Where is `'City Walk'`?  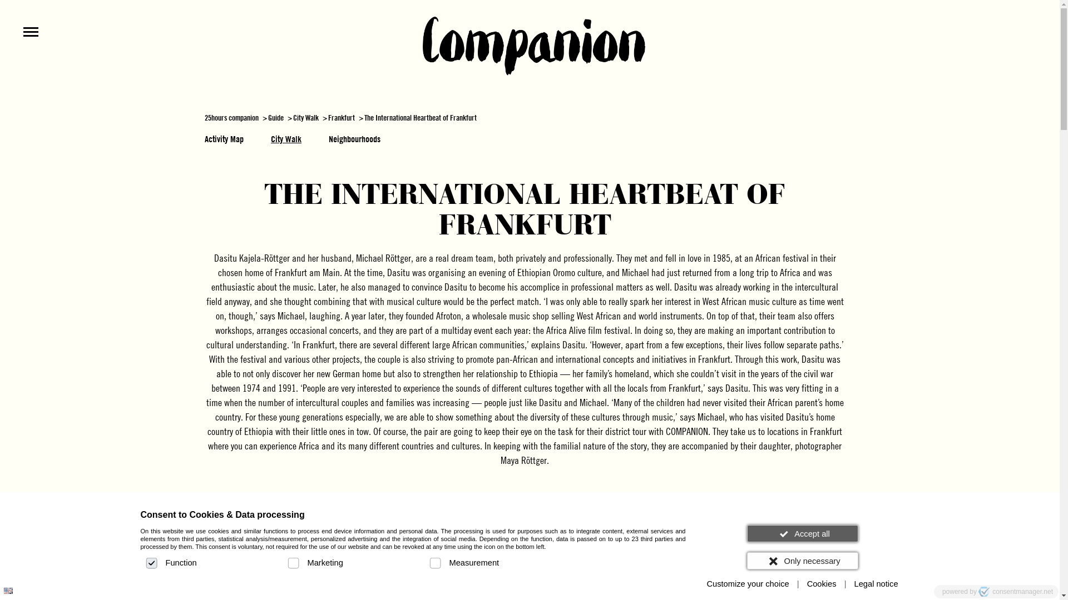 'City Walk' is located at coordinates (306, 117).